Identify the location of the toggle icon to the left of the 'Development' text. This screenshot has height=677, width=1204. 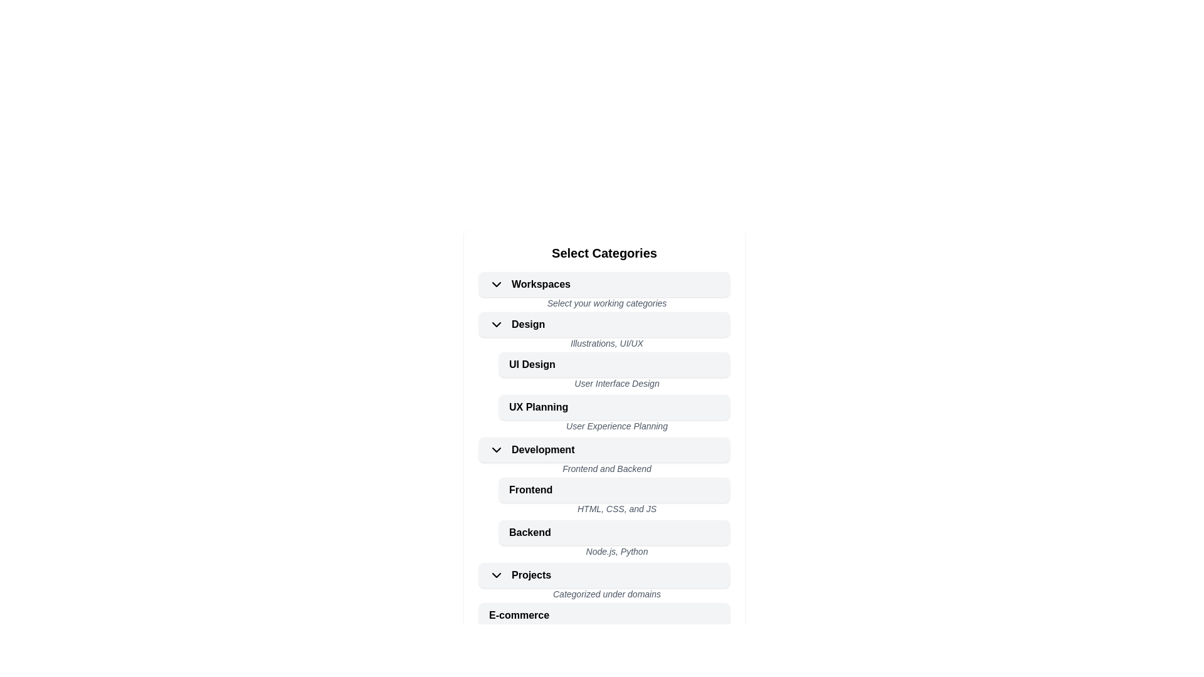
(496, 449).